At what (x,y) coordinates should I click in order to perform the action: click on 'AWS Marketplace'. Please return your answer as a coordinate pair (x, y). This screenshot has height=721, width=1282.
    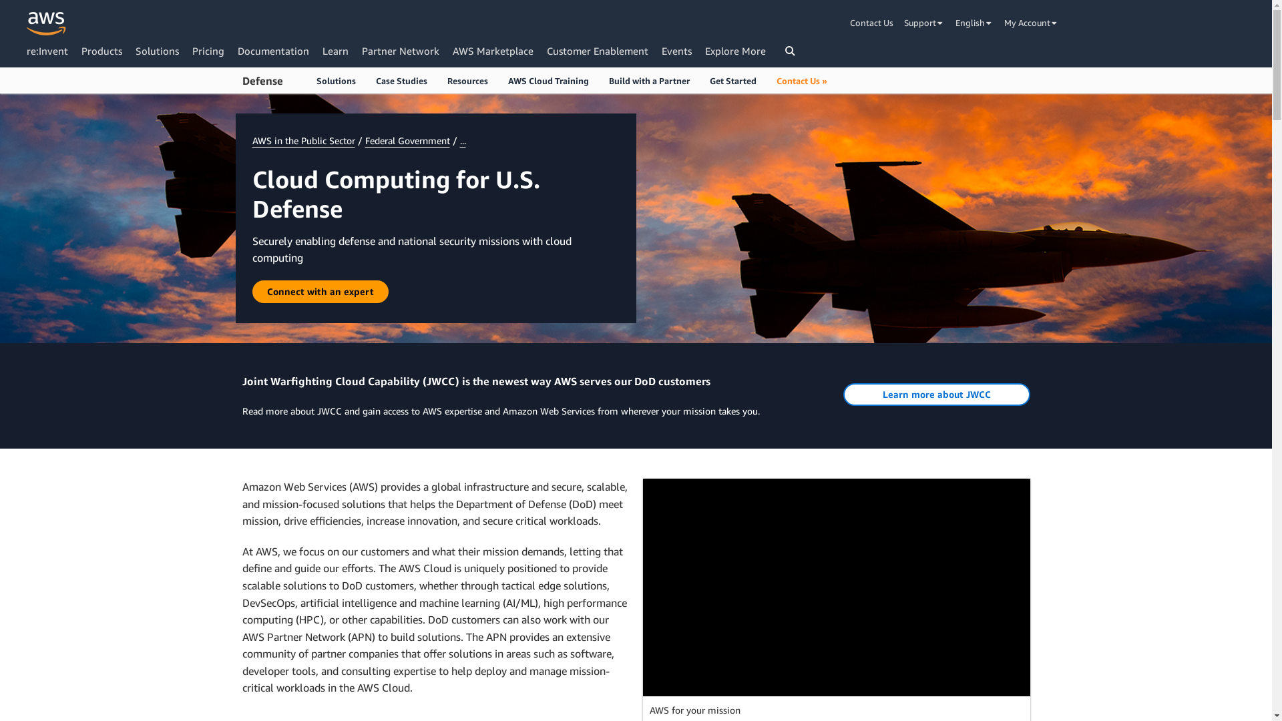
    Looking at the image, I should click on (492, 50).